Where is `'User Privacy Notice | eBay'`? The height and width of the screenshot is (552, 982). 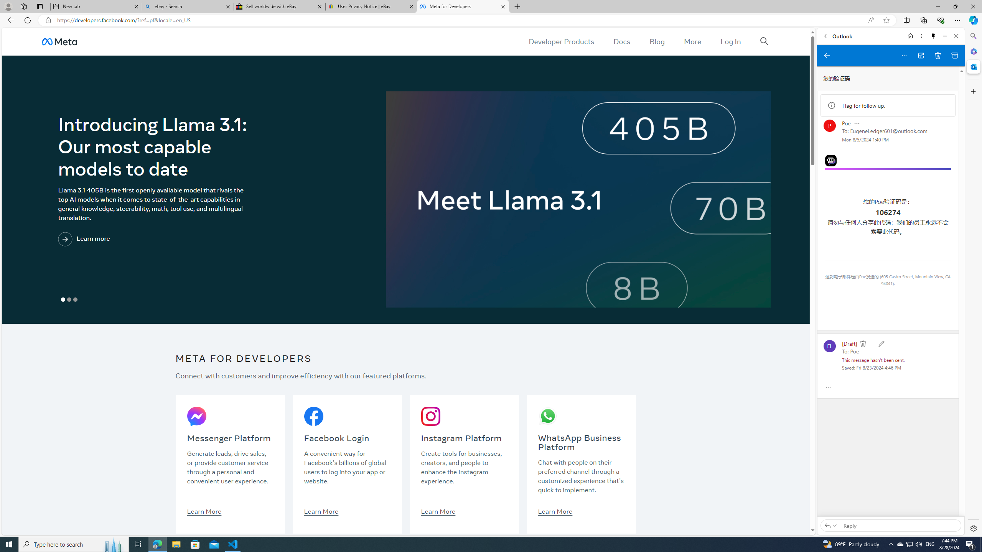
'User Privacy Notice | eBay' is located at coordinates (371, 6).